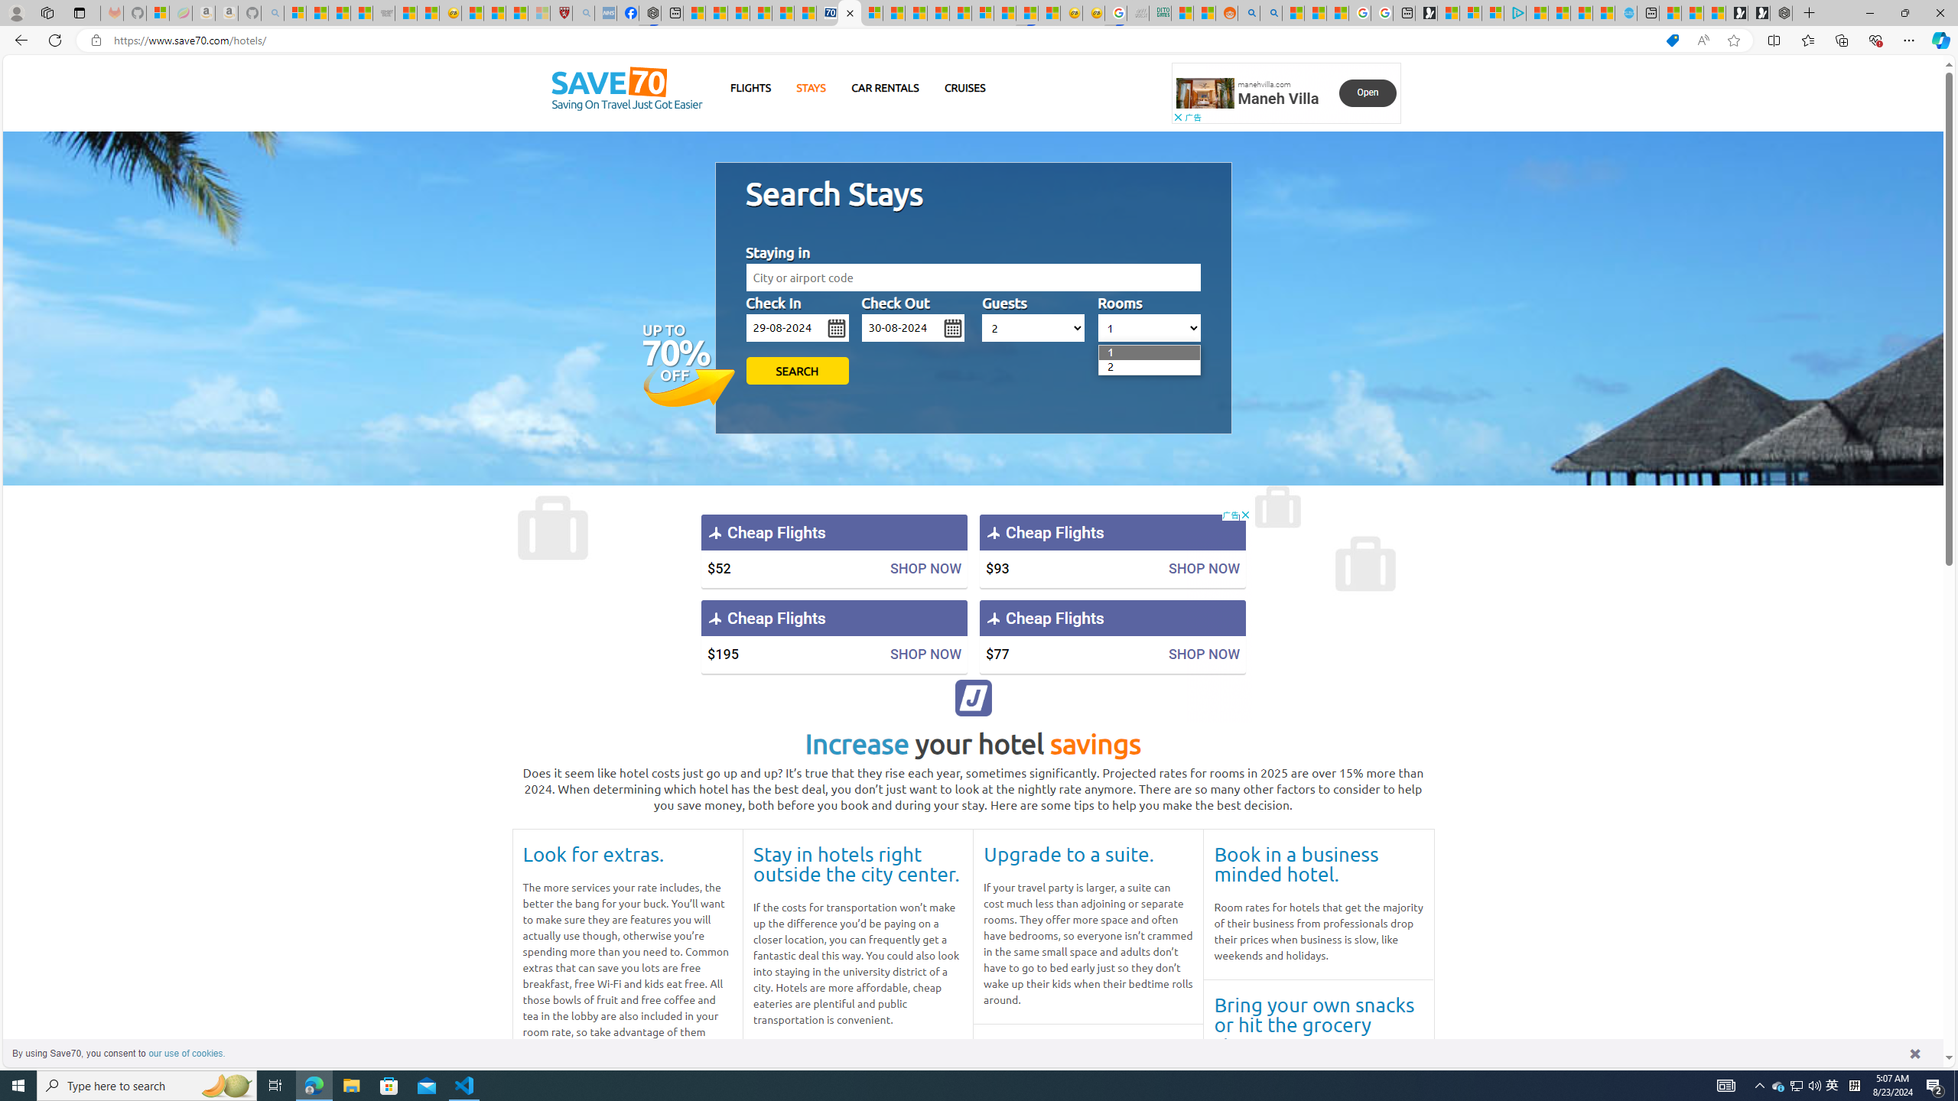 This screenshot has width=1958, height=1101. Describe the element at coordinates (1367, 92) in the screenshot. I see `'Class: ns-pn6gp-e-2 svg-anchor text-button-final'` at that location.